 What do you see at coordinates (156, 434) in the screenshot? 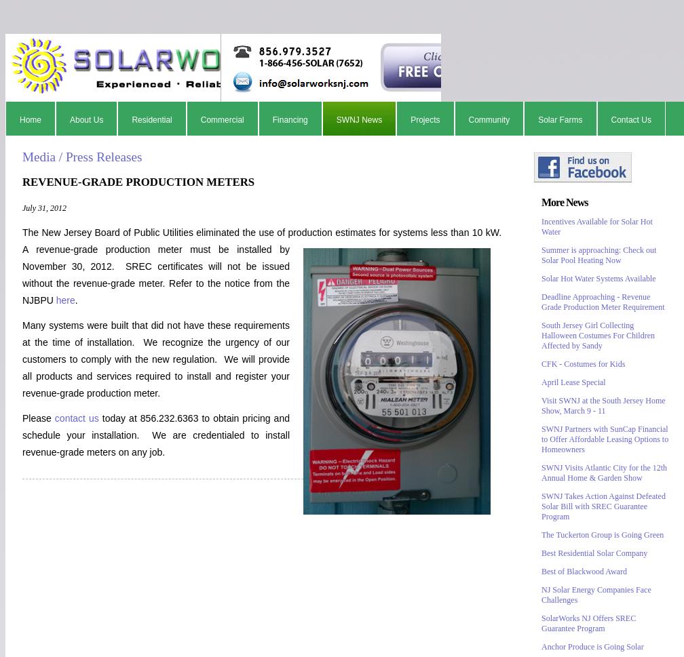
I see `'today at 856.232.6363 to obtain pricing and schedule your installation.  We are credentialed to install revenue-grade meters on any job.'` at bounding box center [156, 434].